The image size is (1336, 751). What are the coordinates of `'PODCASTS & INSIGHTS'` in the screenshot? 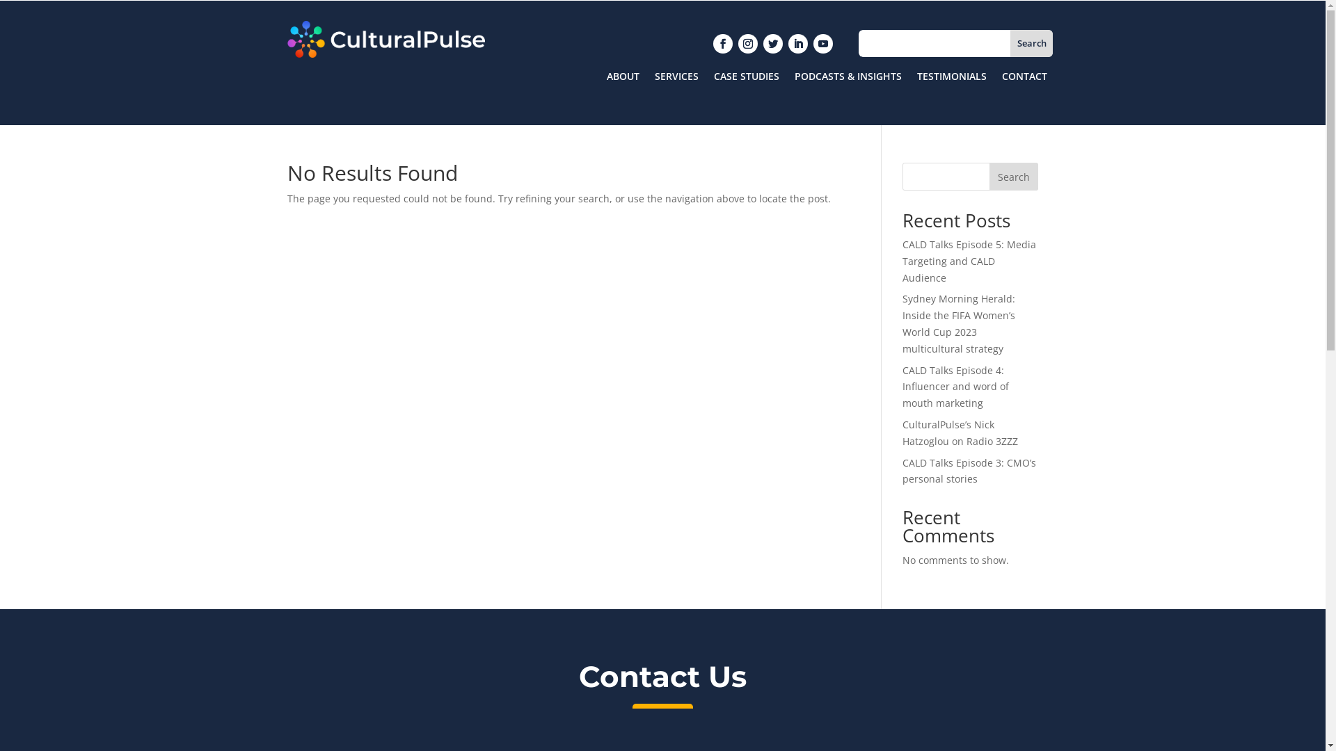 It's located at (848, 79).